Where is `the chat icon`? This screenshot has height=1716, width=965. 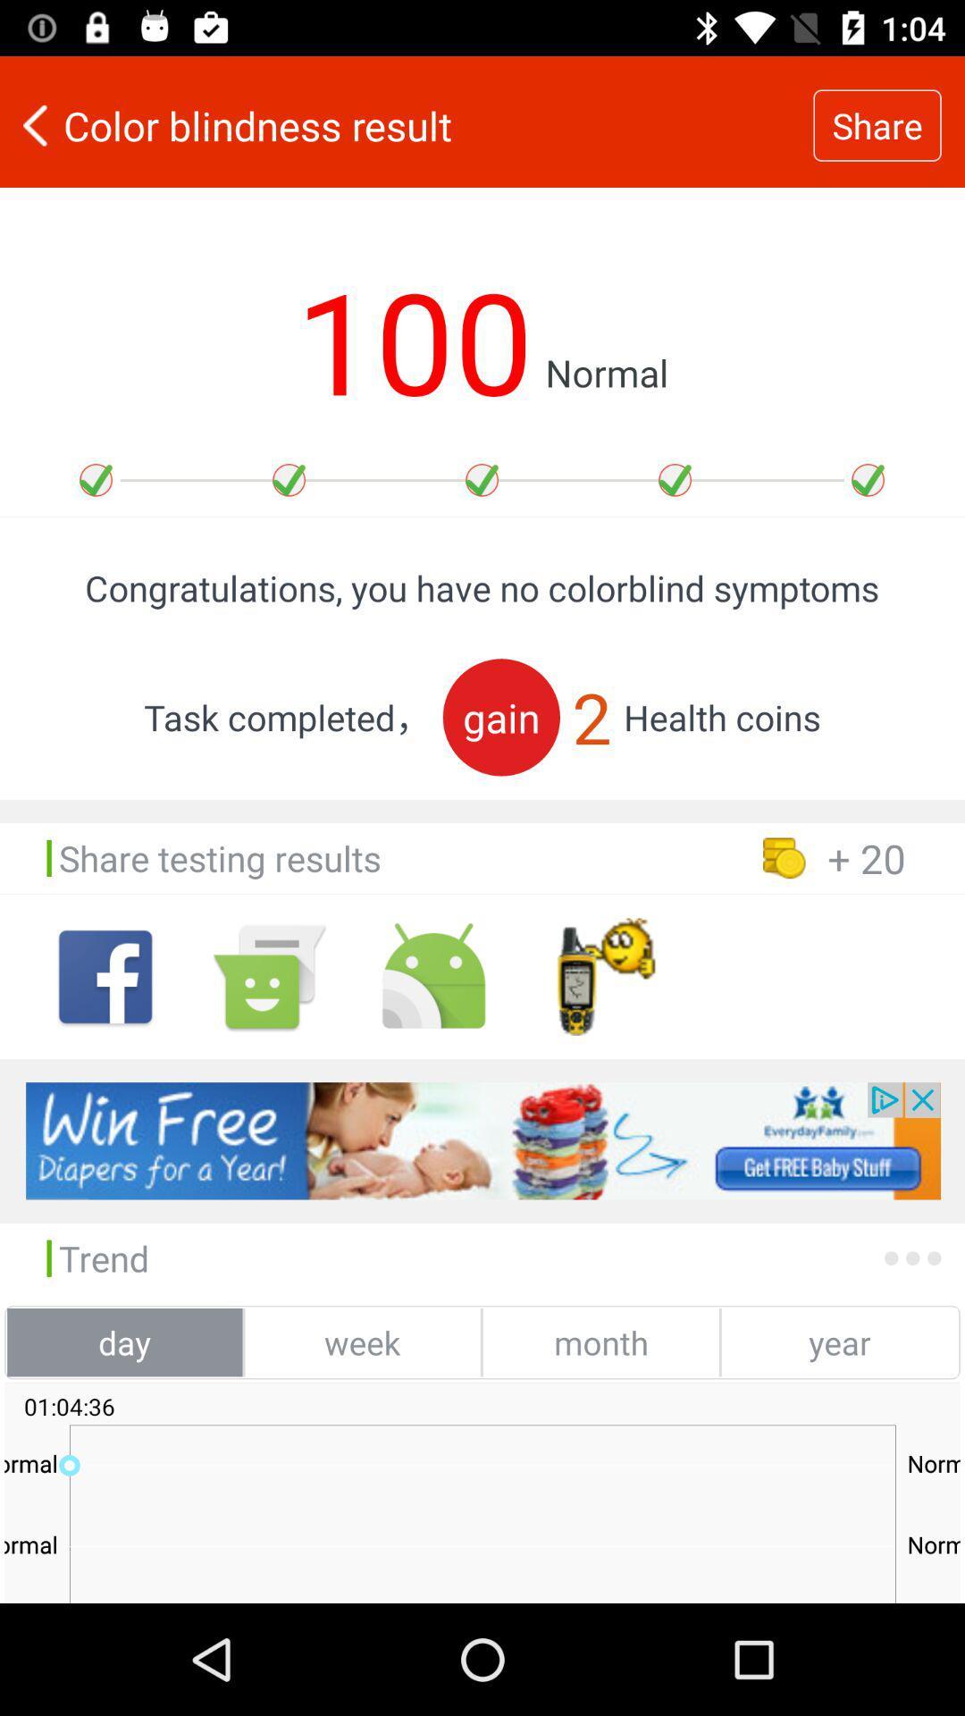 the chat icon is located at coordinates (269, 976).